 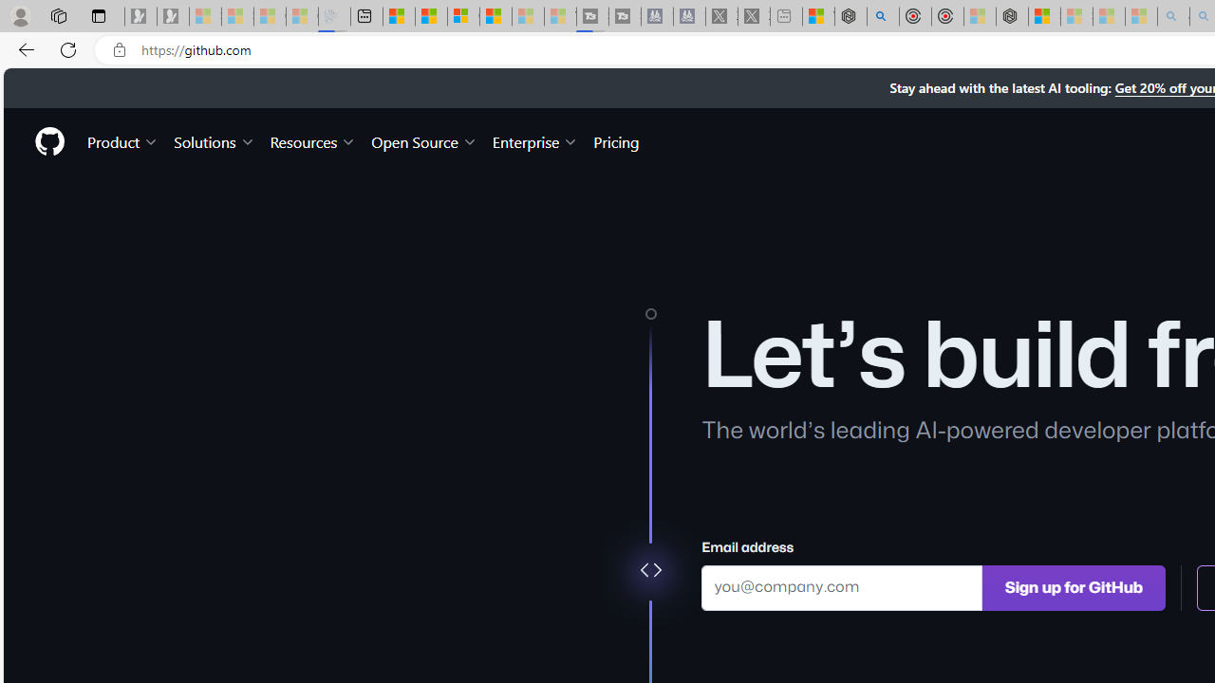 What do you see at coordinates (882, 16) in the screenshot?
I see `'poe - Search'` at bounding box center [882, 16].